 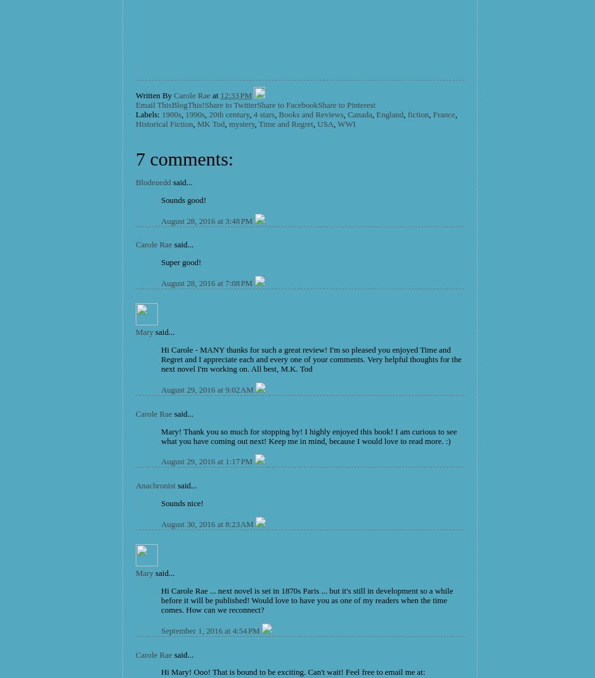 I want to click on 'August 29, 2016 at 1:17 PM', so click(x=207, y=460).